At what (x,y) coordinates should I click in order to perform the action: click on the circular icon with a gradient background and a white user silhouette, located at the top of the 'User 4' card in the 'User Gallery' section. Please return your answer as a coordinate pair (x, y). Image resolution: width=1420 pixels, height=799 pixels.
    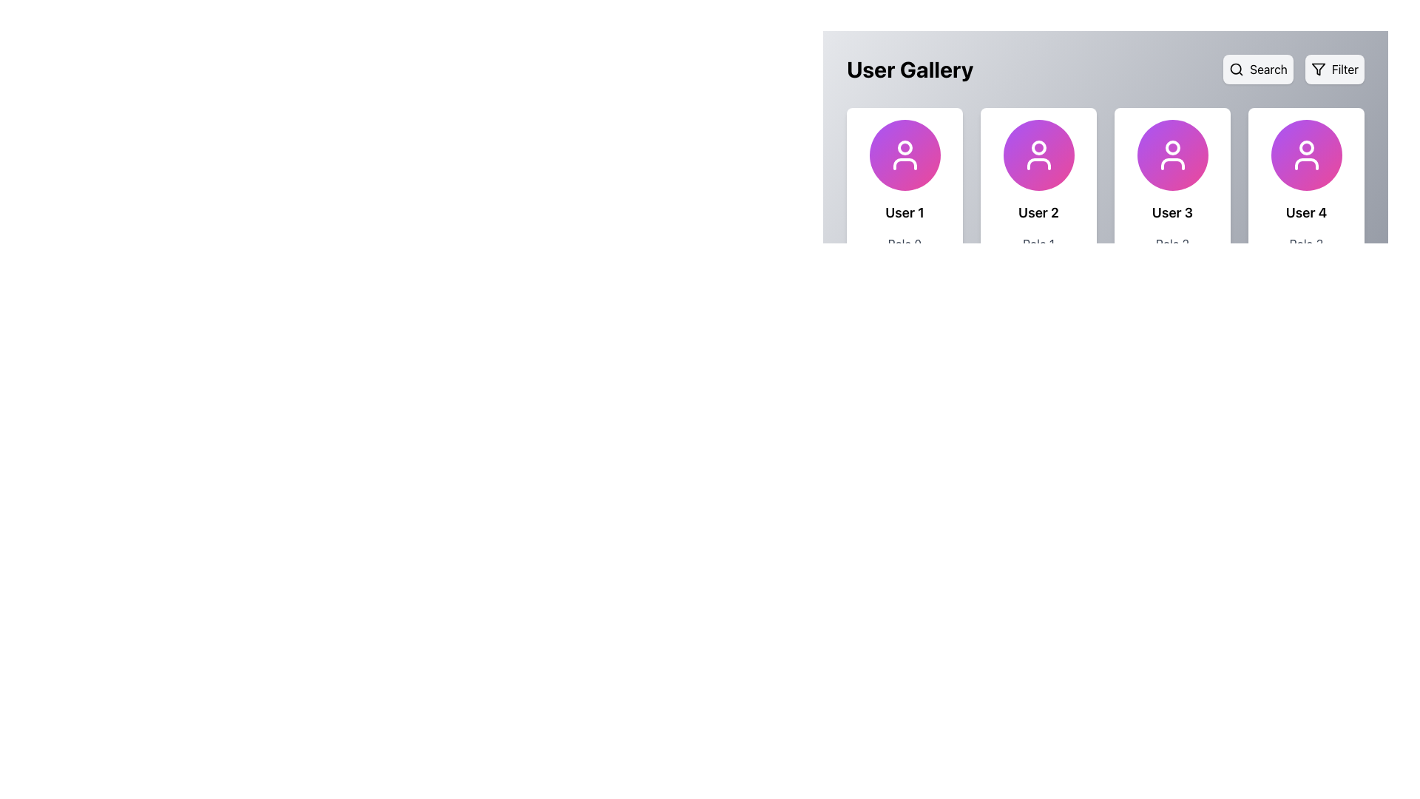
    Looking at the image, I should click on (1306, 155).